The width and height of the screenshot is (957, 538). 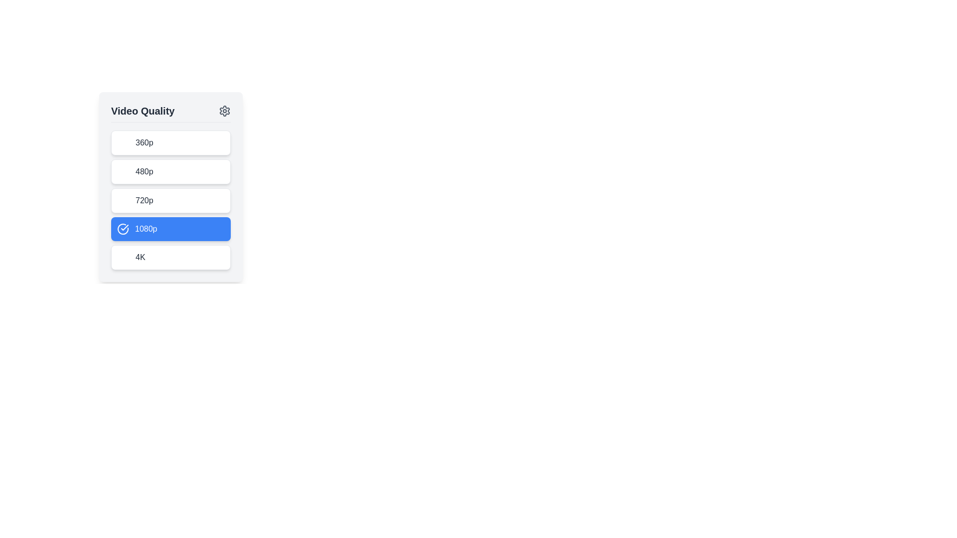 What do you see at coordinates (224, 111) in the screenshot?
I see `the settings icon for 'Video Quality' located at the top-right corner of the section` at bounding box center [224, 111].